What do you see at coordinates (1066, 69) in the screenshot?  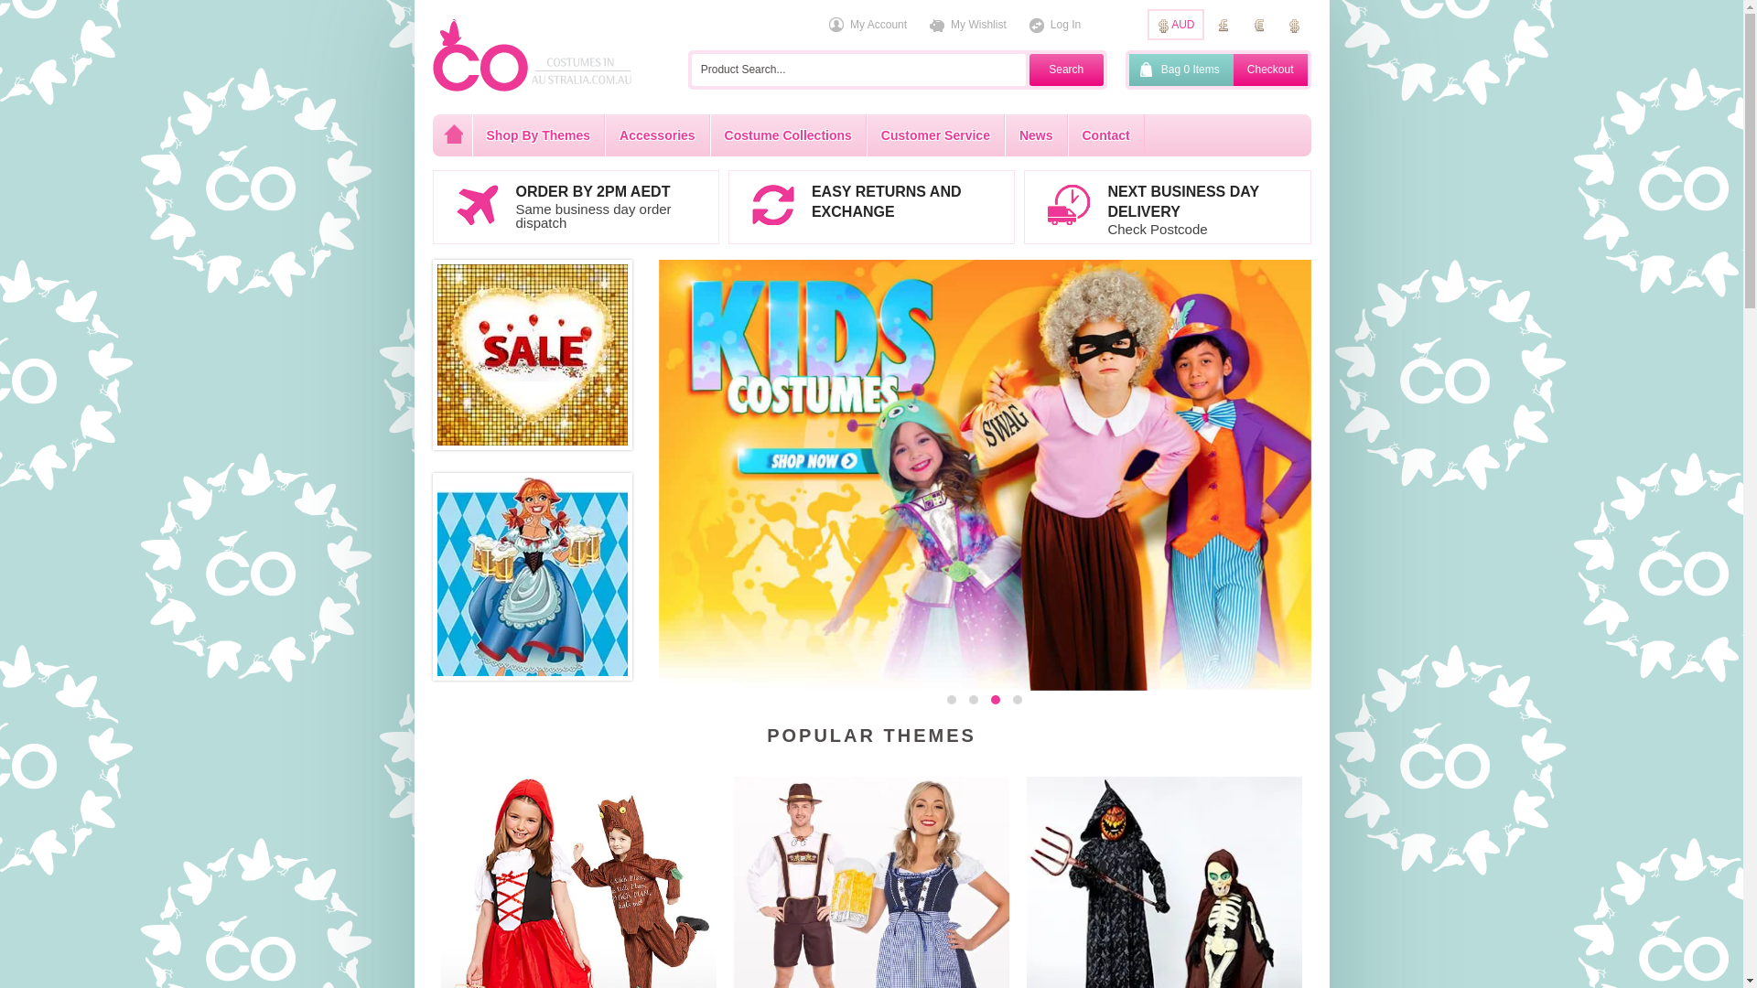 I see `'Search'` at bounding box center [1066, 69].